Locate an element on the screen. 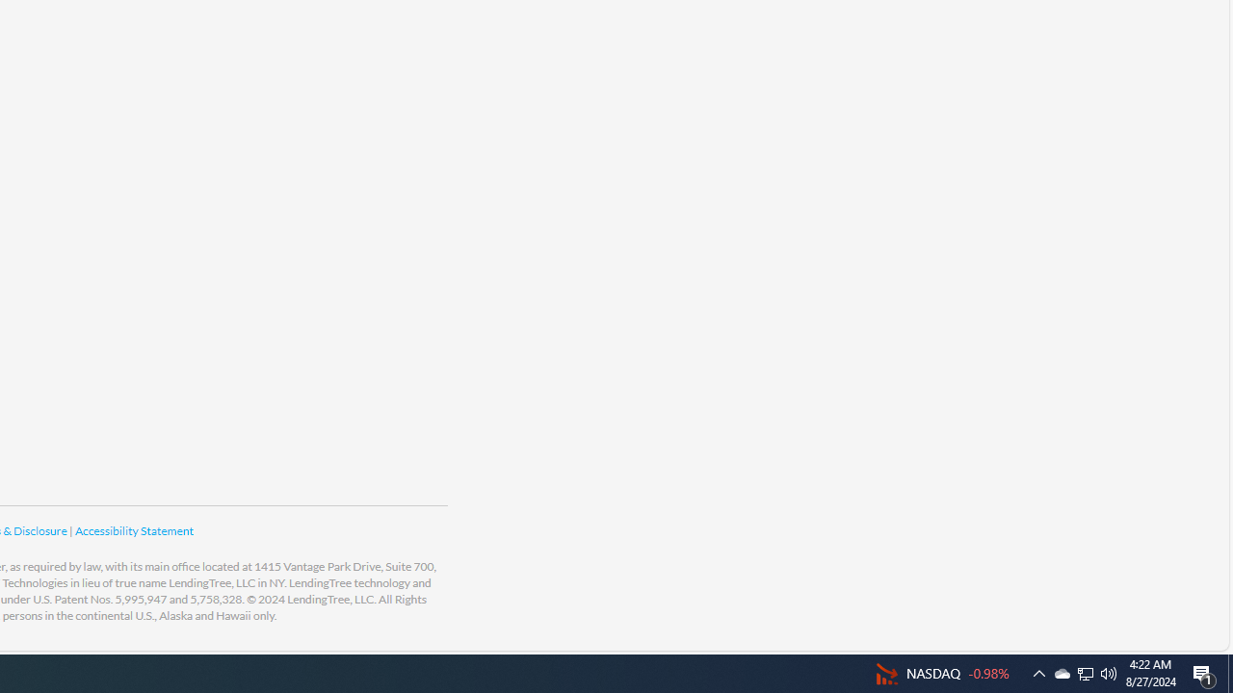 Image resolution: width=1233 pixels, height=693 pixels. 'Accessibility Statement' is located at coordinates (132, 530).